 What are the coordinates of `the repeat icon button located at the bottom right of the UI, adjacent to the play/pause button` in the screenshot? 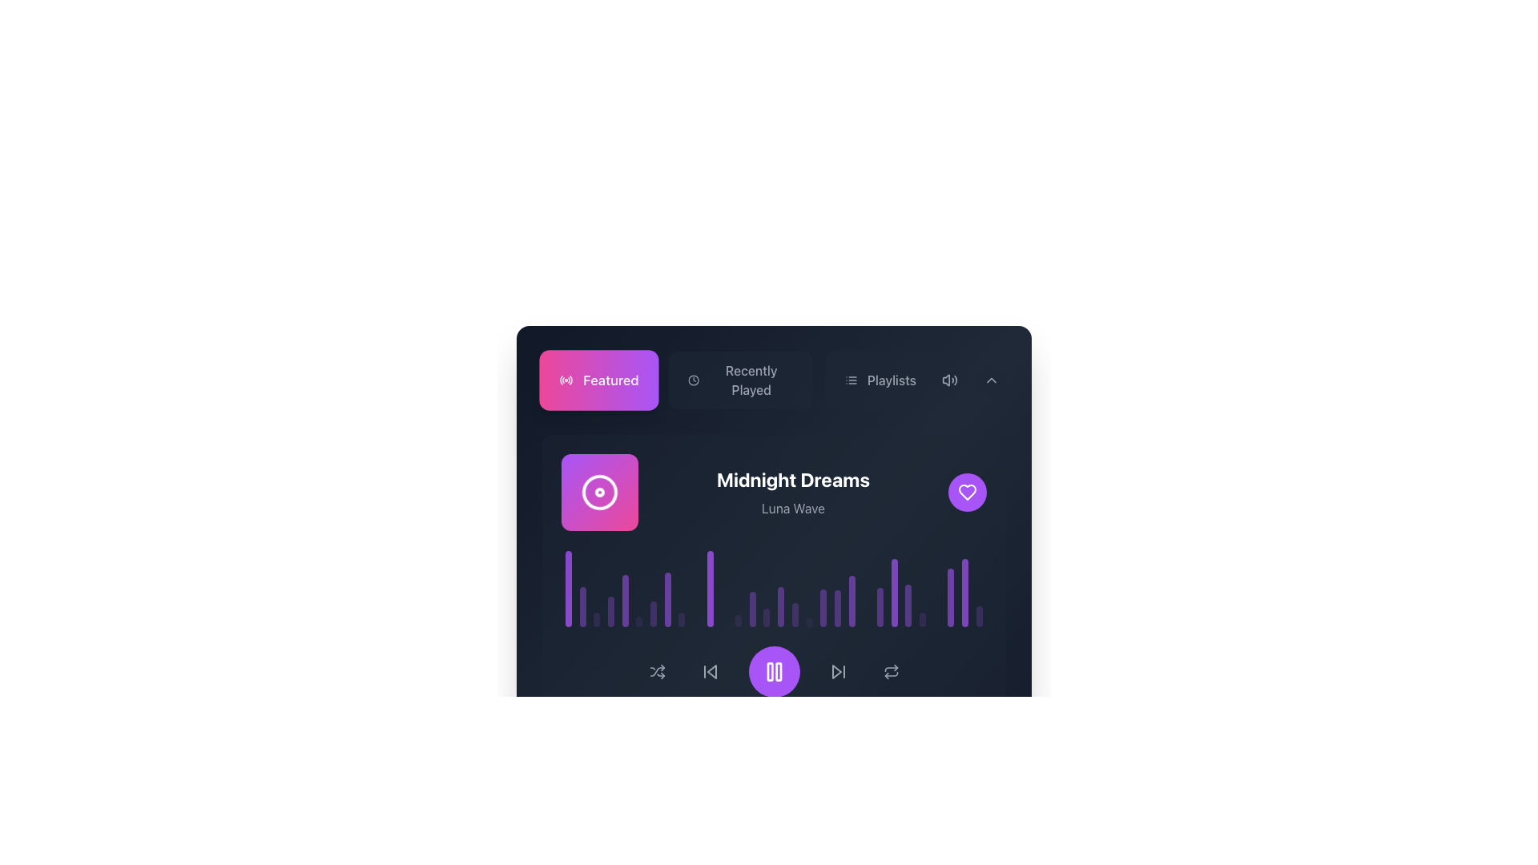 It's located at (890, 672).